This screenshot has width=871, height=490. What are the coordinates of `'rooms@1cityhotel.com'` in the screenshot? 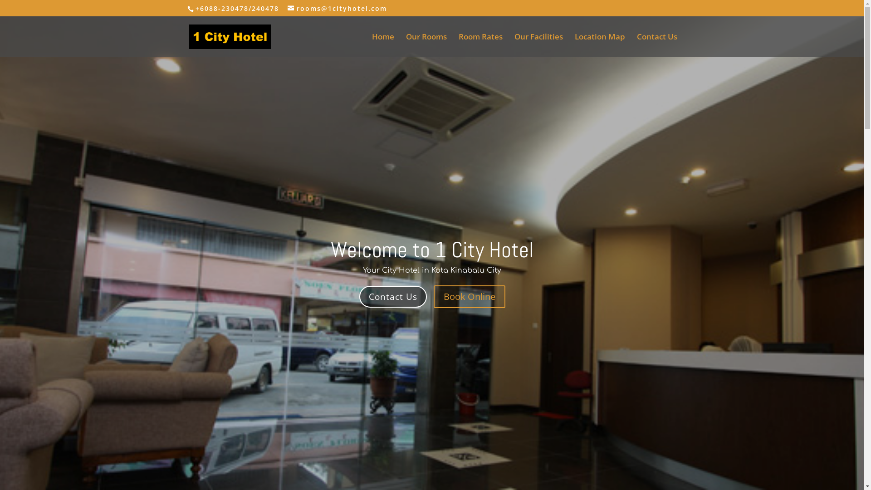 It's located at (337, 8).